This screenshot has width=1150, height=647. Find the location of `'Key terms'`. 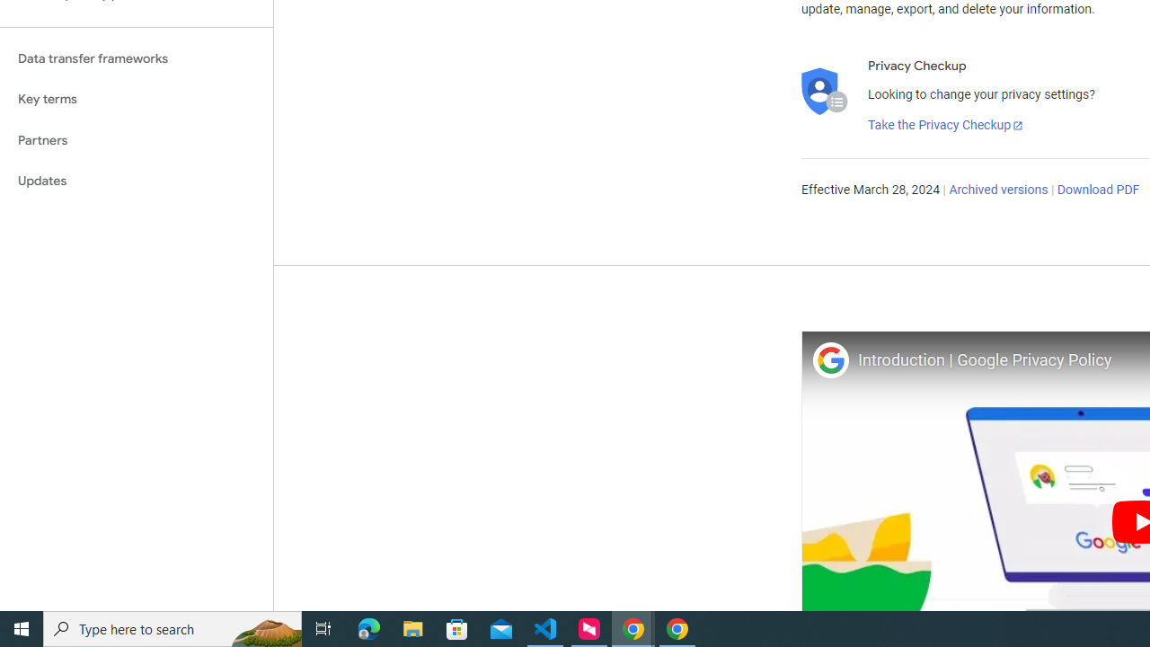

'Key terms' is located at coordinates (136, 99).